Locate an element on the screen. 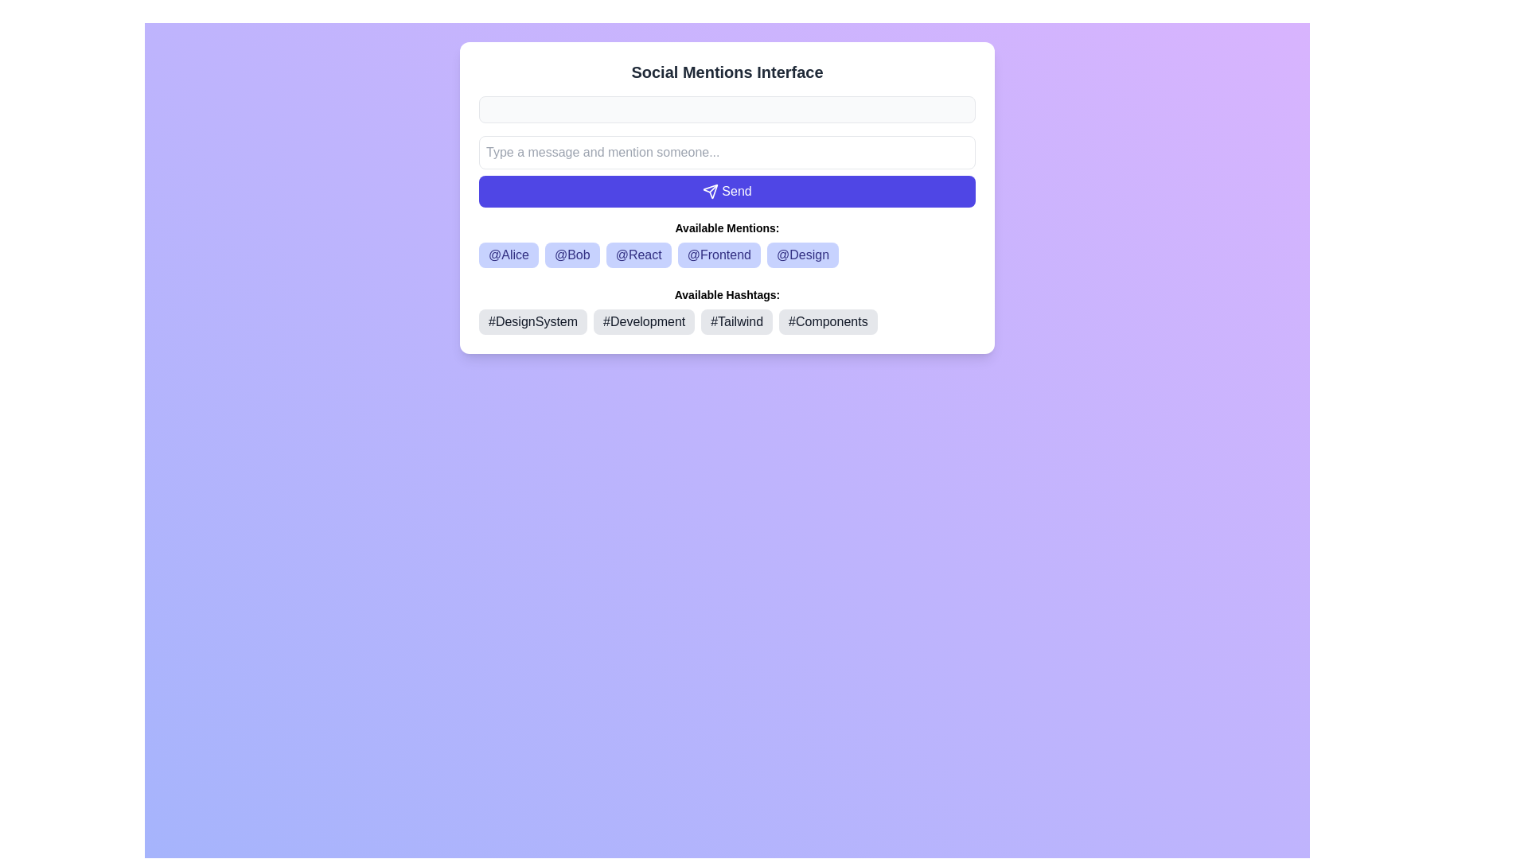  the fourth badge in the 'Available Mentions' section, which signifies the '@Frontend' mention is located at coordinates (718, 254).